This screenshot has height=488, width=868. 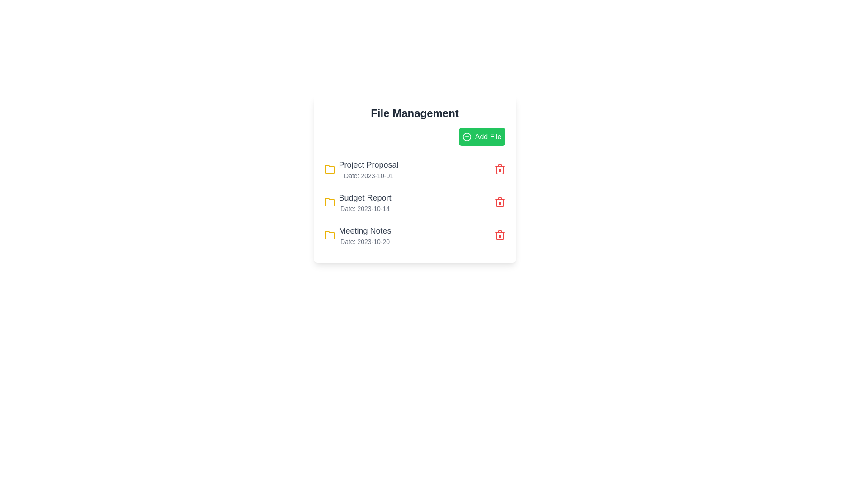 What do you see at coordinates (481, 137) in the screenshot?
I see `'Add File' button to add a new file` at bounding box center [481, 137].